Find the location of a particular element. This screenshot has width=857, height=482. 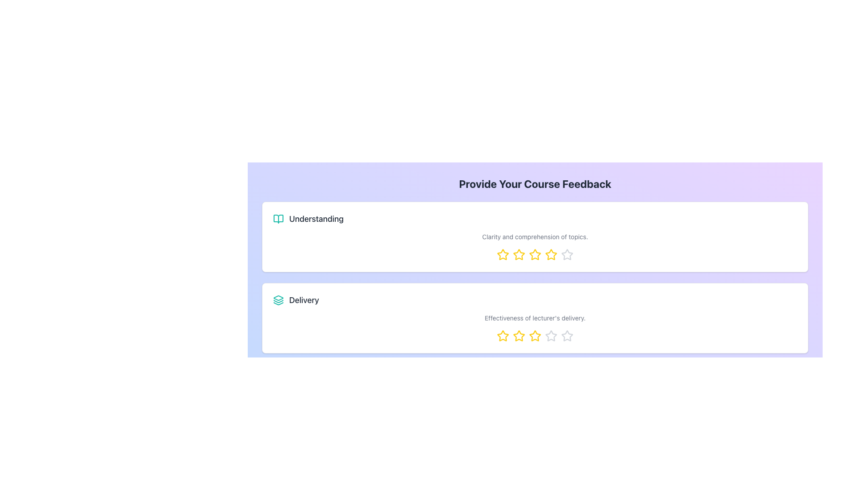

the third yellow rating star with a hollow center in the 'Understanding' section is located at coordinates (519, 254).